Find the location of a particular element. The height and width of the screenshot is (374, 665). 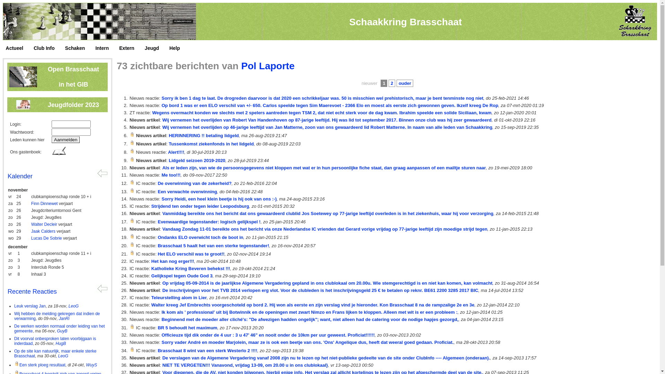

'Lidgeld seizoen 2019-2020' is located at coordinates (196, 160).